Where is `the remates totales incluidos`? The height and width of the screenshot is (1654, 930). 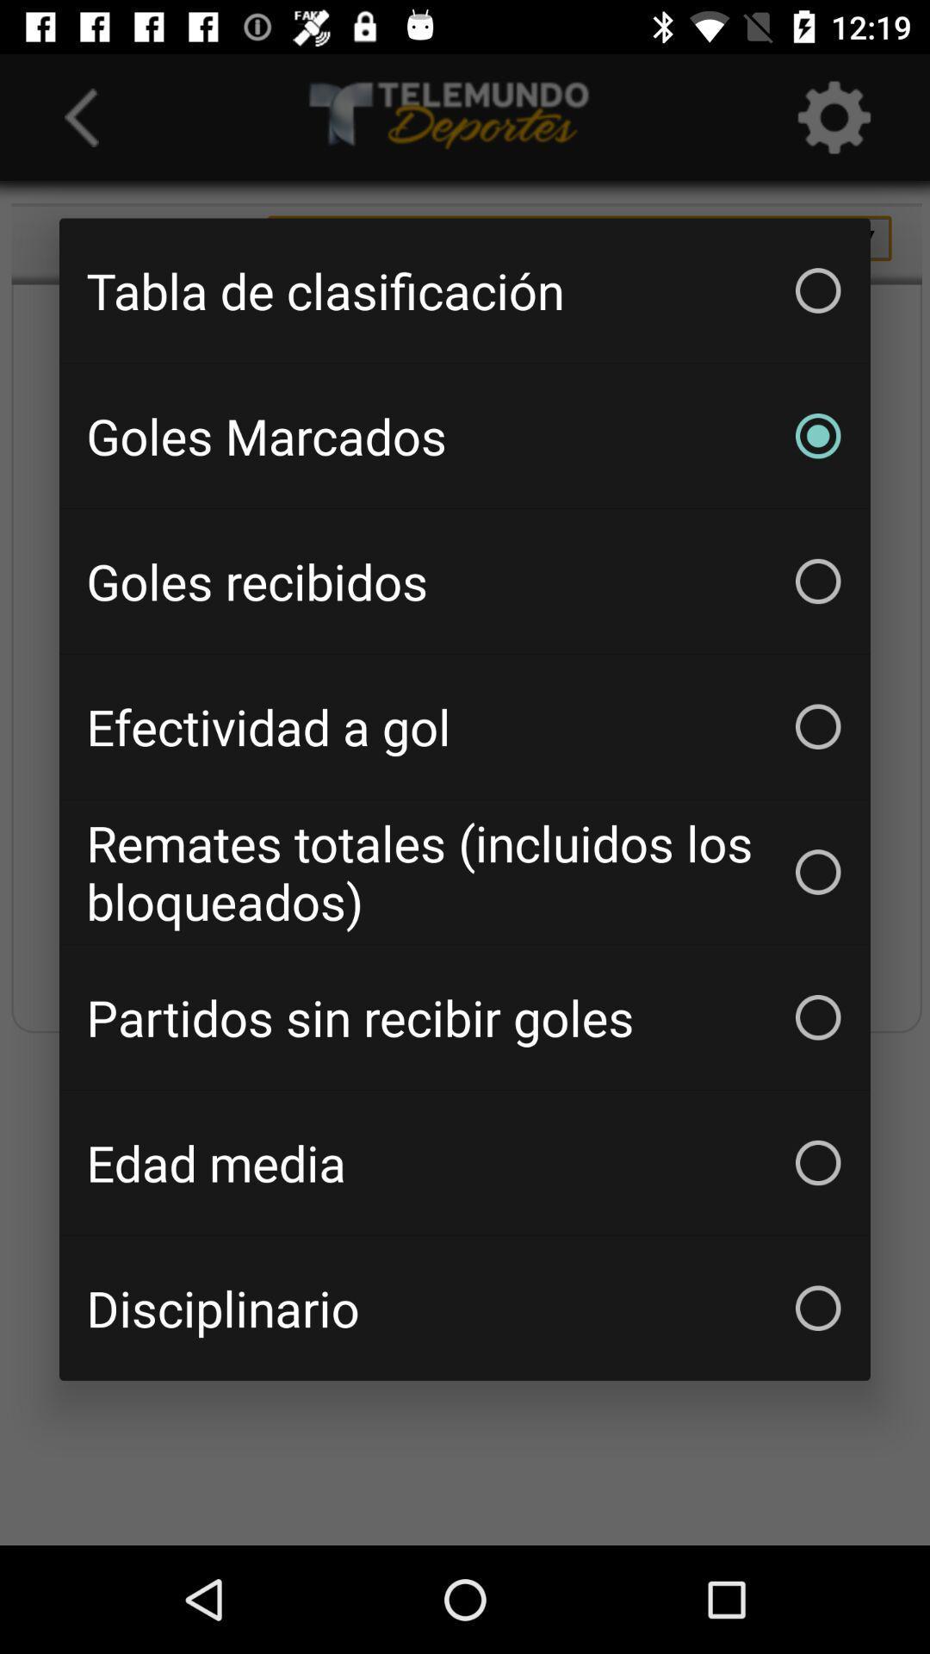 the remates totales incluidos is located at coordinates (465, 872).